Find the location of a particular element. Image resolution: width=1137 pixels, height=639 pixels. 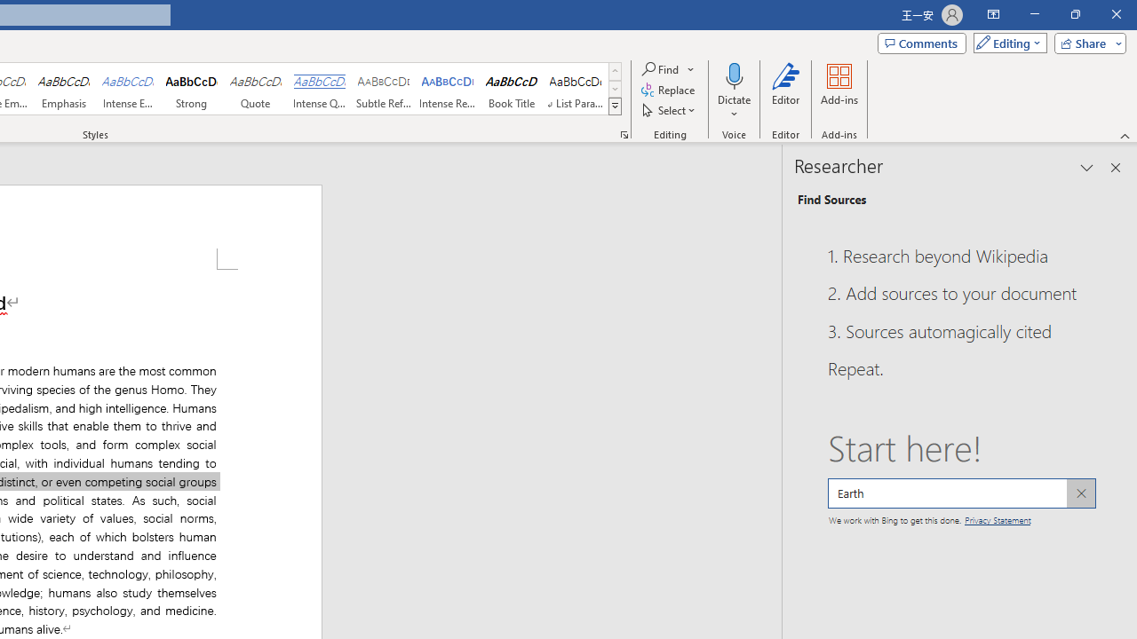

'Find Sources' is located at coordinates (831, 200).